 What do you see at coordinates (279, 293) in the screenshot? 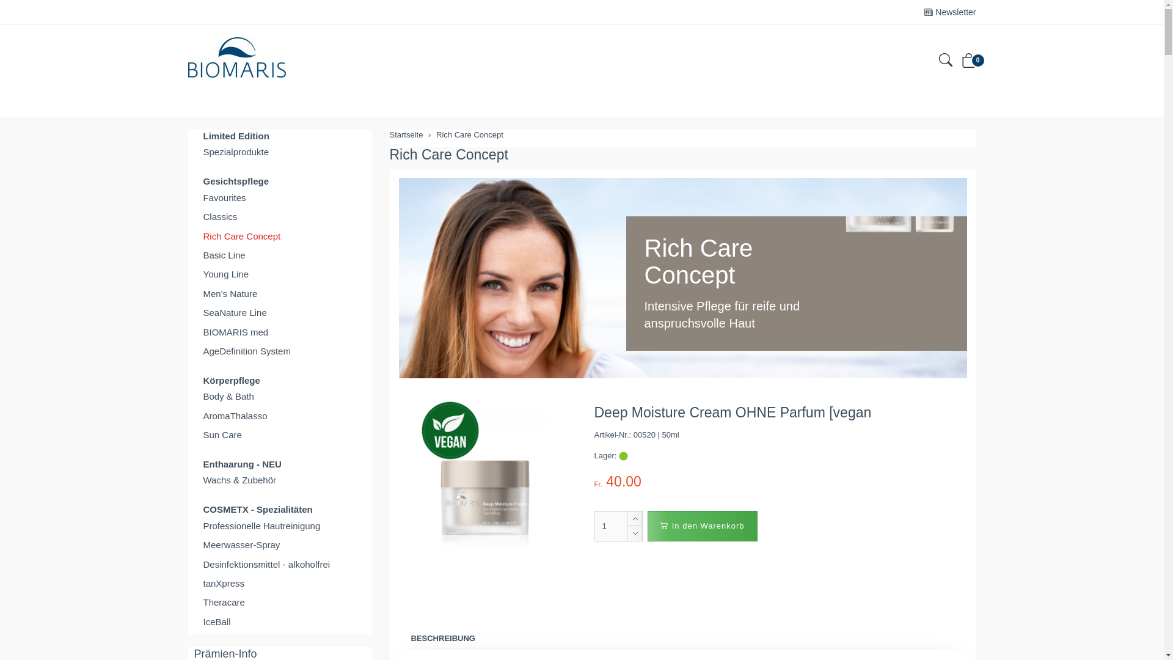
I see `'Men's Nature'` at bounding box center [279, 293].